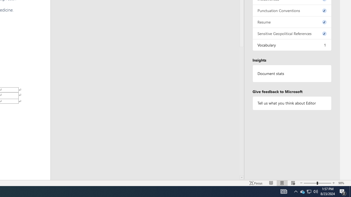  Describe the element at coordinates (291, 22) in the screenshot. I see `'Resume, 0 issues. Press space or enter to review items.'` at that location.